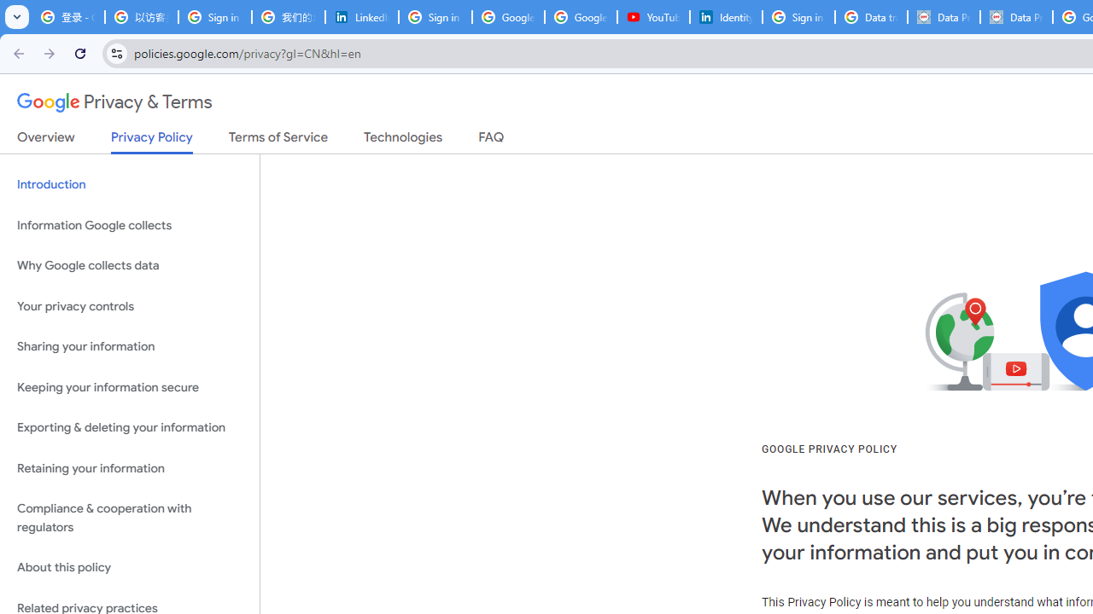 This screenshot has height=614, width=1093. Describe the element at coordinates (798, 17) in the screenshot. I see `'Sign in - Google Accounts'` at that location.